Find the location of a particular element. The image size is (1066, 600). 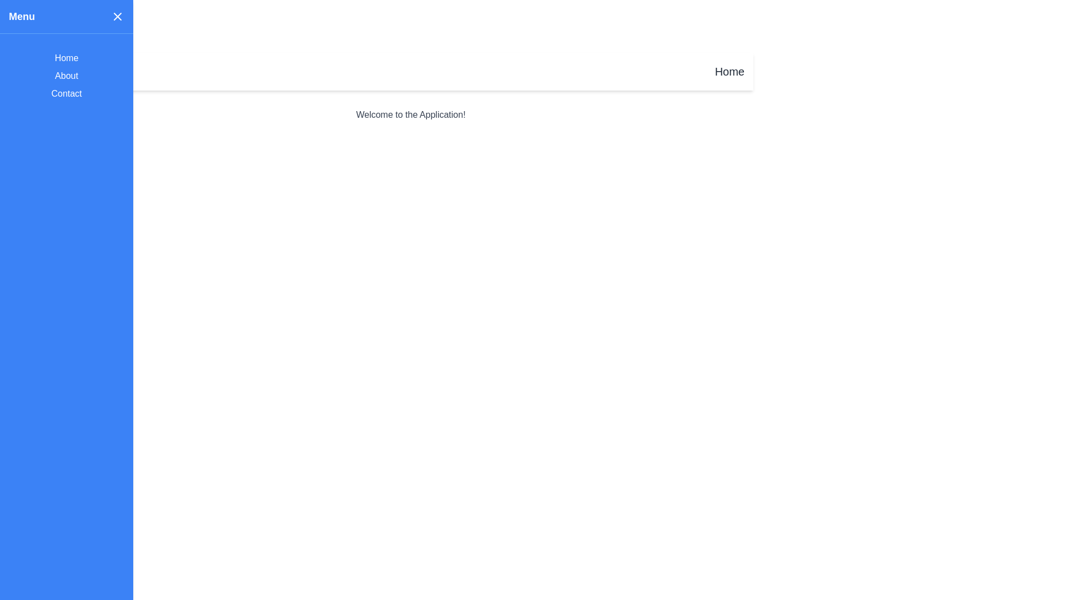

the Icon Button located in the left side navigation menu is located at coordinates (87, 71).